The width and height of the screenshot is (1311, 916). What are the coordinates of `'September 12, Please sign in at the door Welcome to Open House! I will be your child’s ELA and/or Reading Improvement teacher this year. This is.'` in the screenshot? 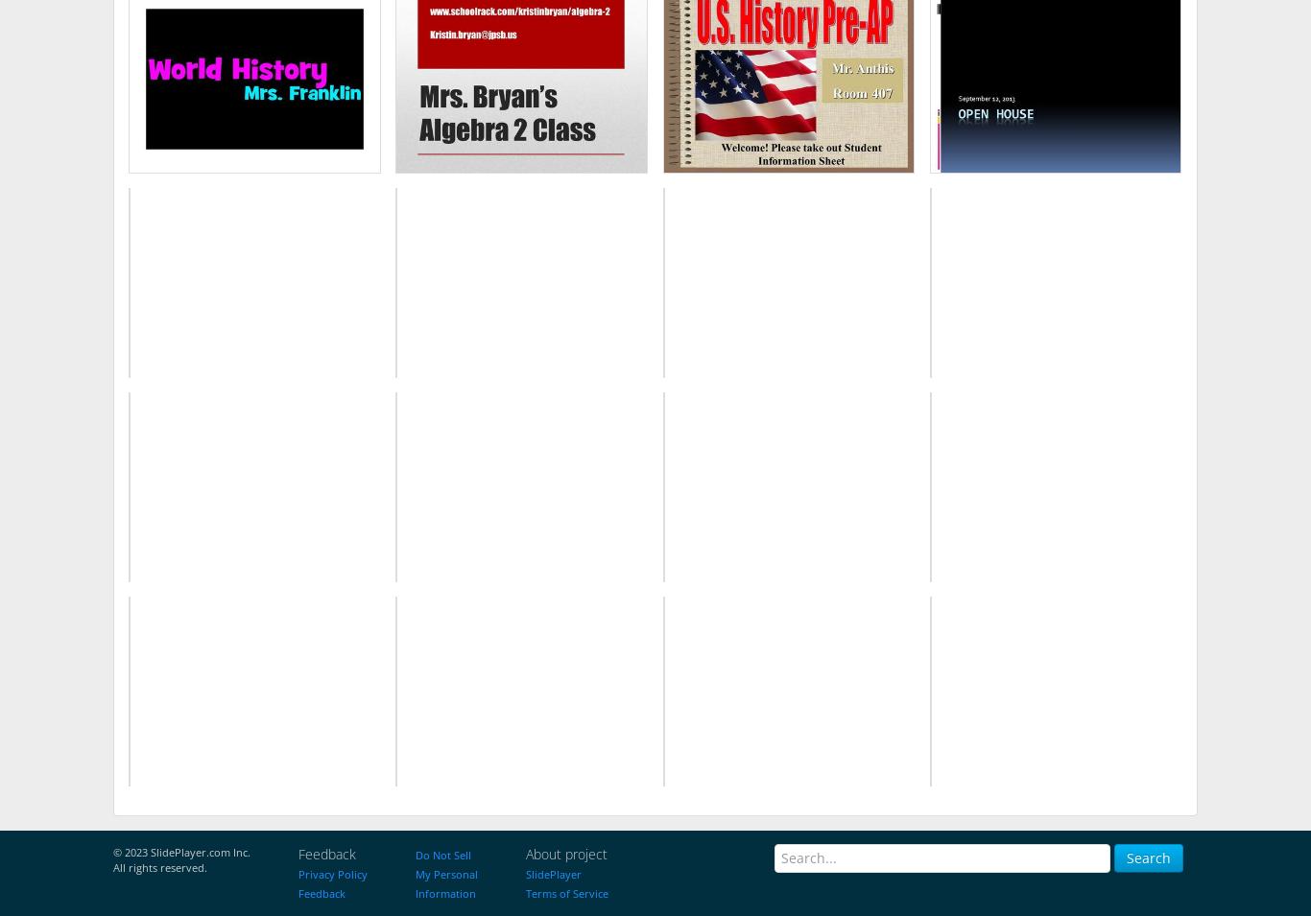 It's located at (945, 82).